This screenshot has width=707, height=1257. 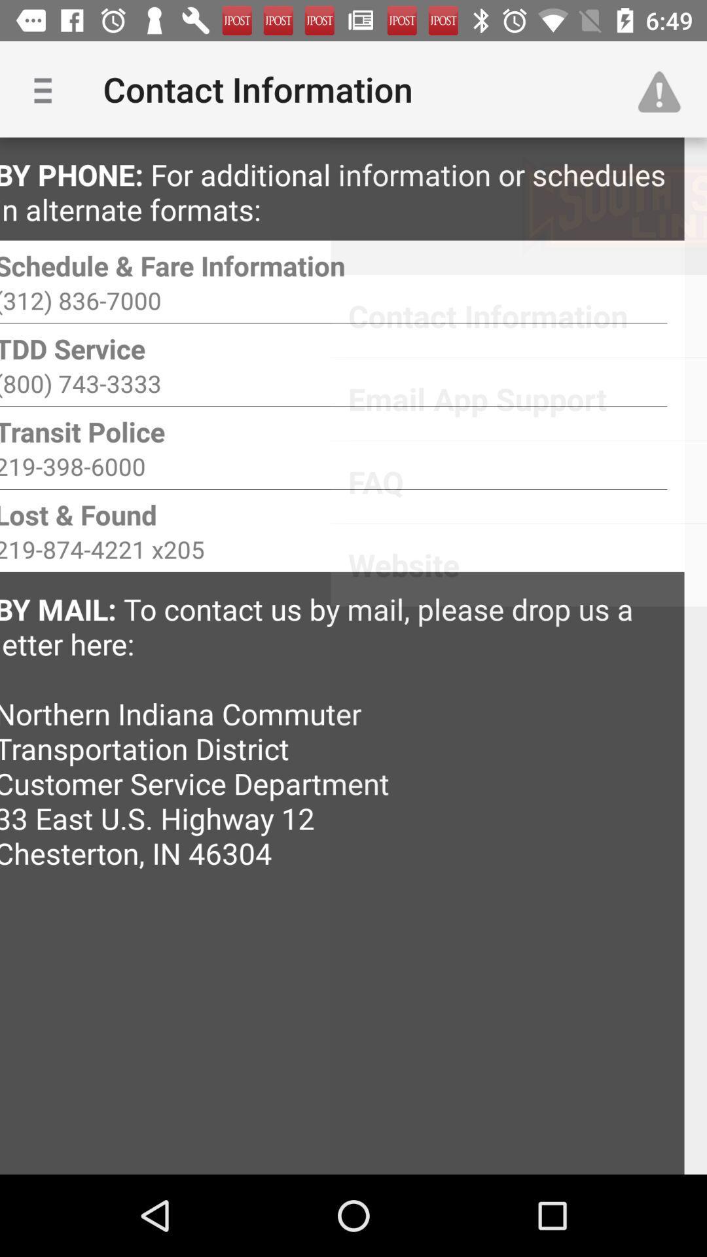 What do you see at coordinates (47, 88) in the screenshot?
I see `item above by phone for` at bounding box center [47, 88].